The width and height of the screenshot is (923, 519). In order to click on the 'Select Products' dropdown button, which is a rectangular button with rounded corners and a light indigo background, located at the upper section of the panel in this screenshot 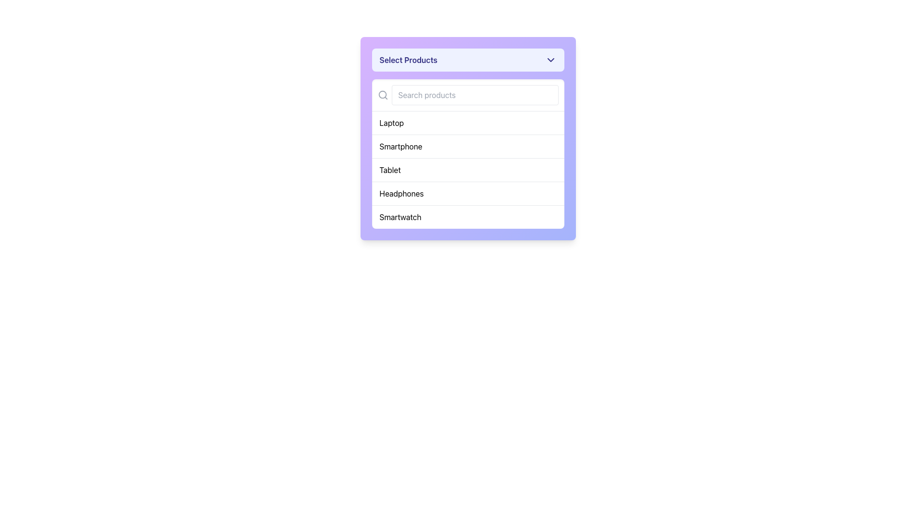, I will do `click(468, 60)`.